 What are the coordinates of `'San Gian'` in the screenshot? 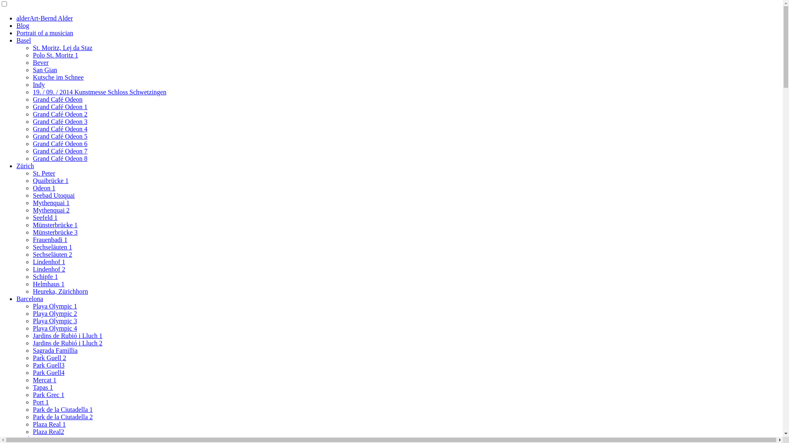 It's located at (44, 69).